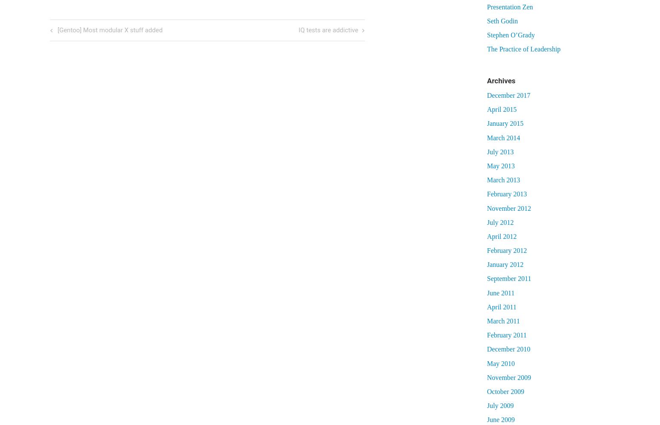 The height and width of the screenshot is (425, 660). Describe the element at coordinates (486, 137) in the screenshot. I see `'March 2014'` at that location.